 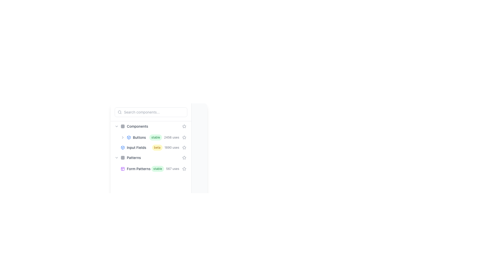 I want to click on the non-interactive SVG-based visual icon that indicates importance or selection, located to the right of the 'Input Fields' text, so click(x=184, y=126).